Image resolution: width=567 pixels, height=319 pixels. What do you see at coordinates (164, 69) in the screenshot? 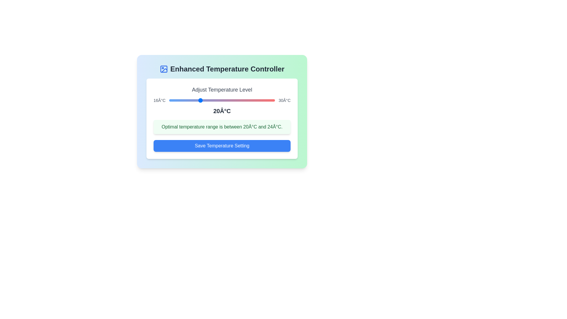
I see `the image icon in the header` at bounding box center [164, 69].